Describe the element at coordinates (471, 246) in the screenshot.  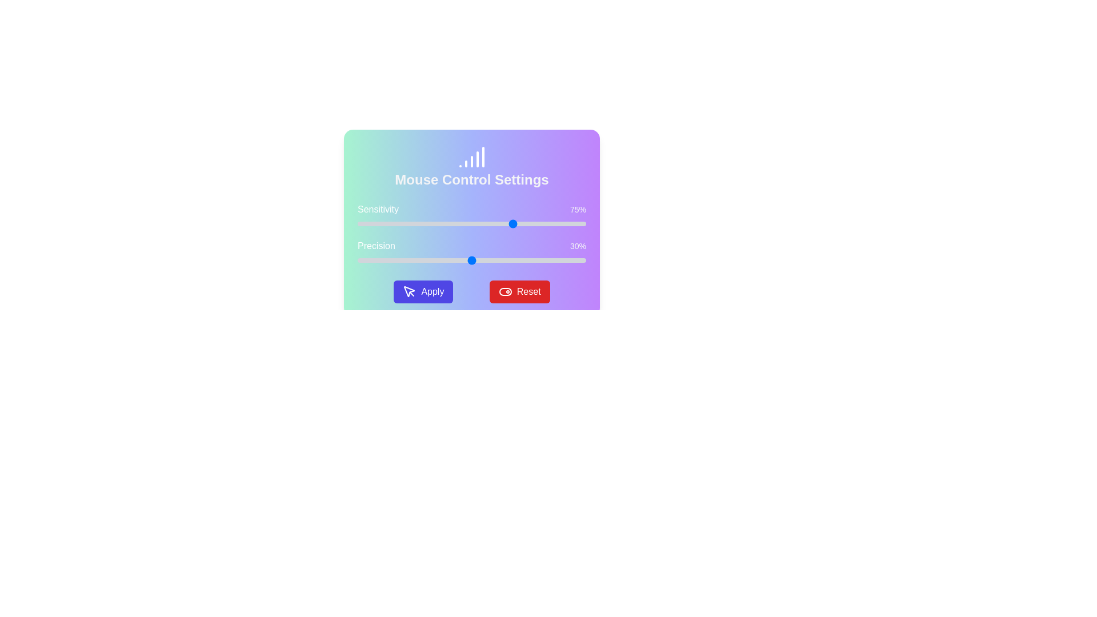
I see `precision label indicating the current value of 30% located centrally within the settings panel, directly below the 'Sensitivity' label and above the 'Precision' slider` at that location.